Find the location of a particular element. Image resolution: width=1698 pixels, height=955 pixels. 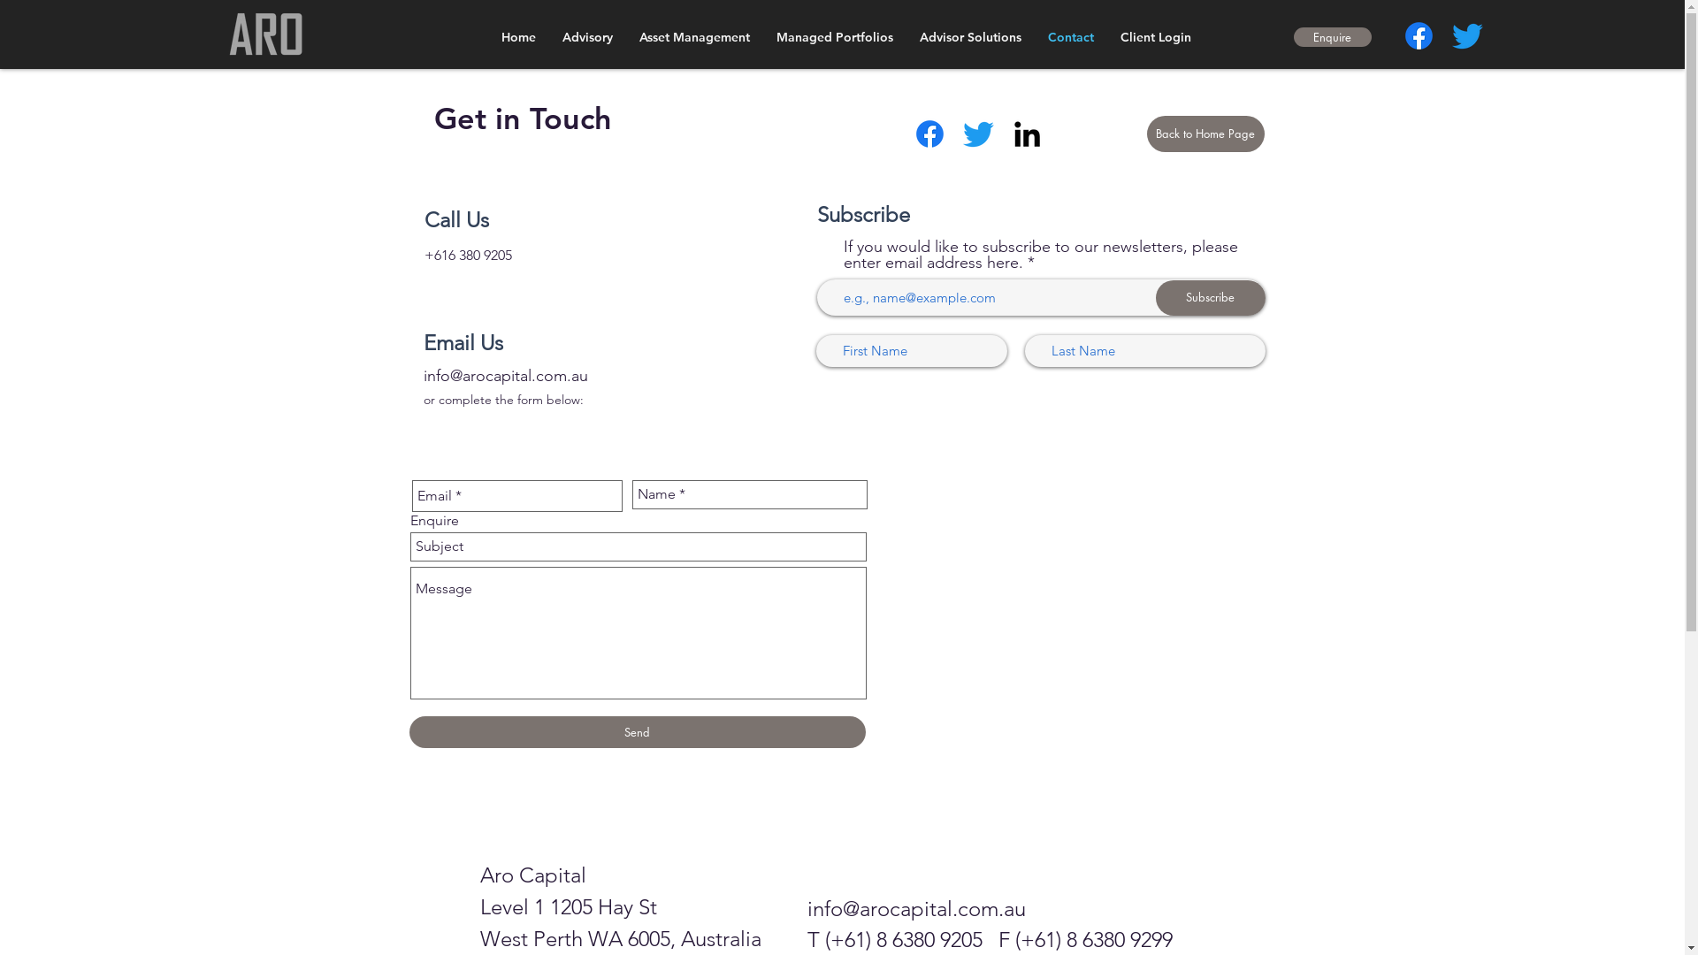

'Home' is located at coordinates (517, 37).